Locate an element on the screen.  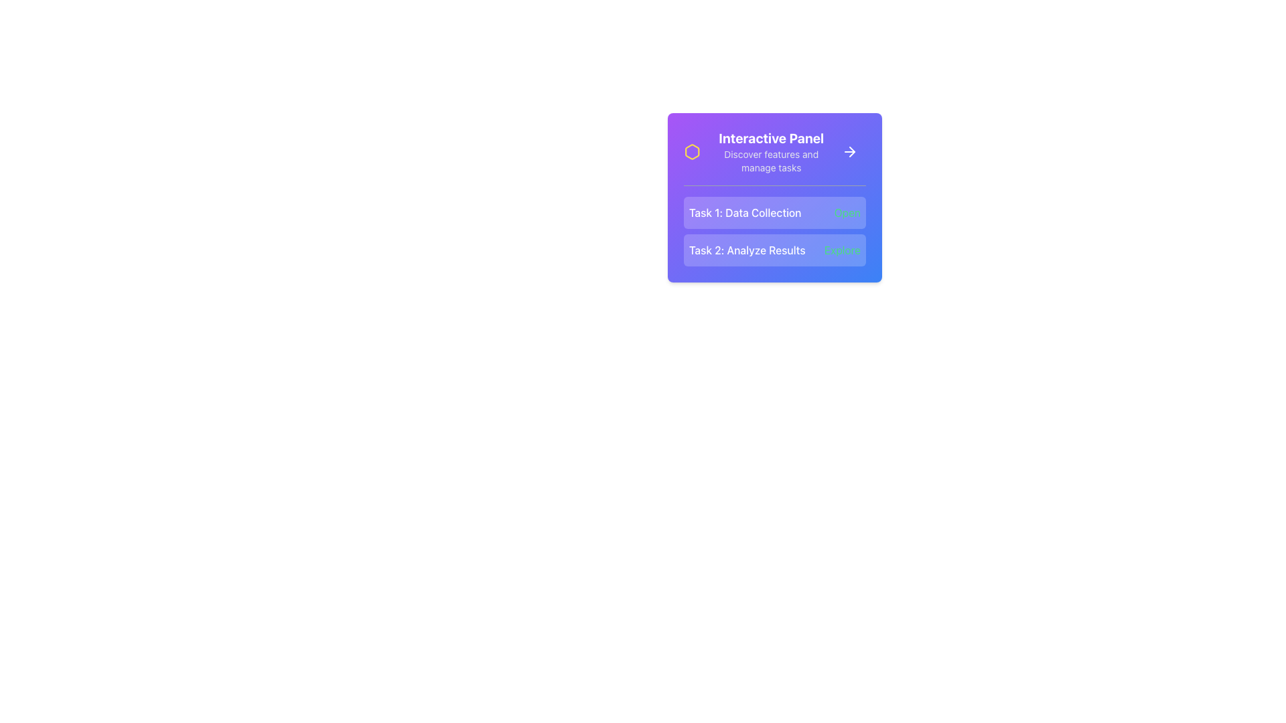
the green-colored text link reading 'Open' located to the right of 'Task 1: Data Collection' is located at coordinates (847, 212).